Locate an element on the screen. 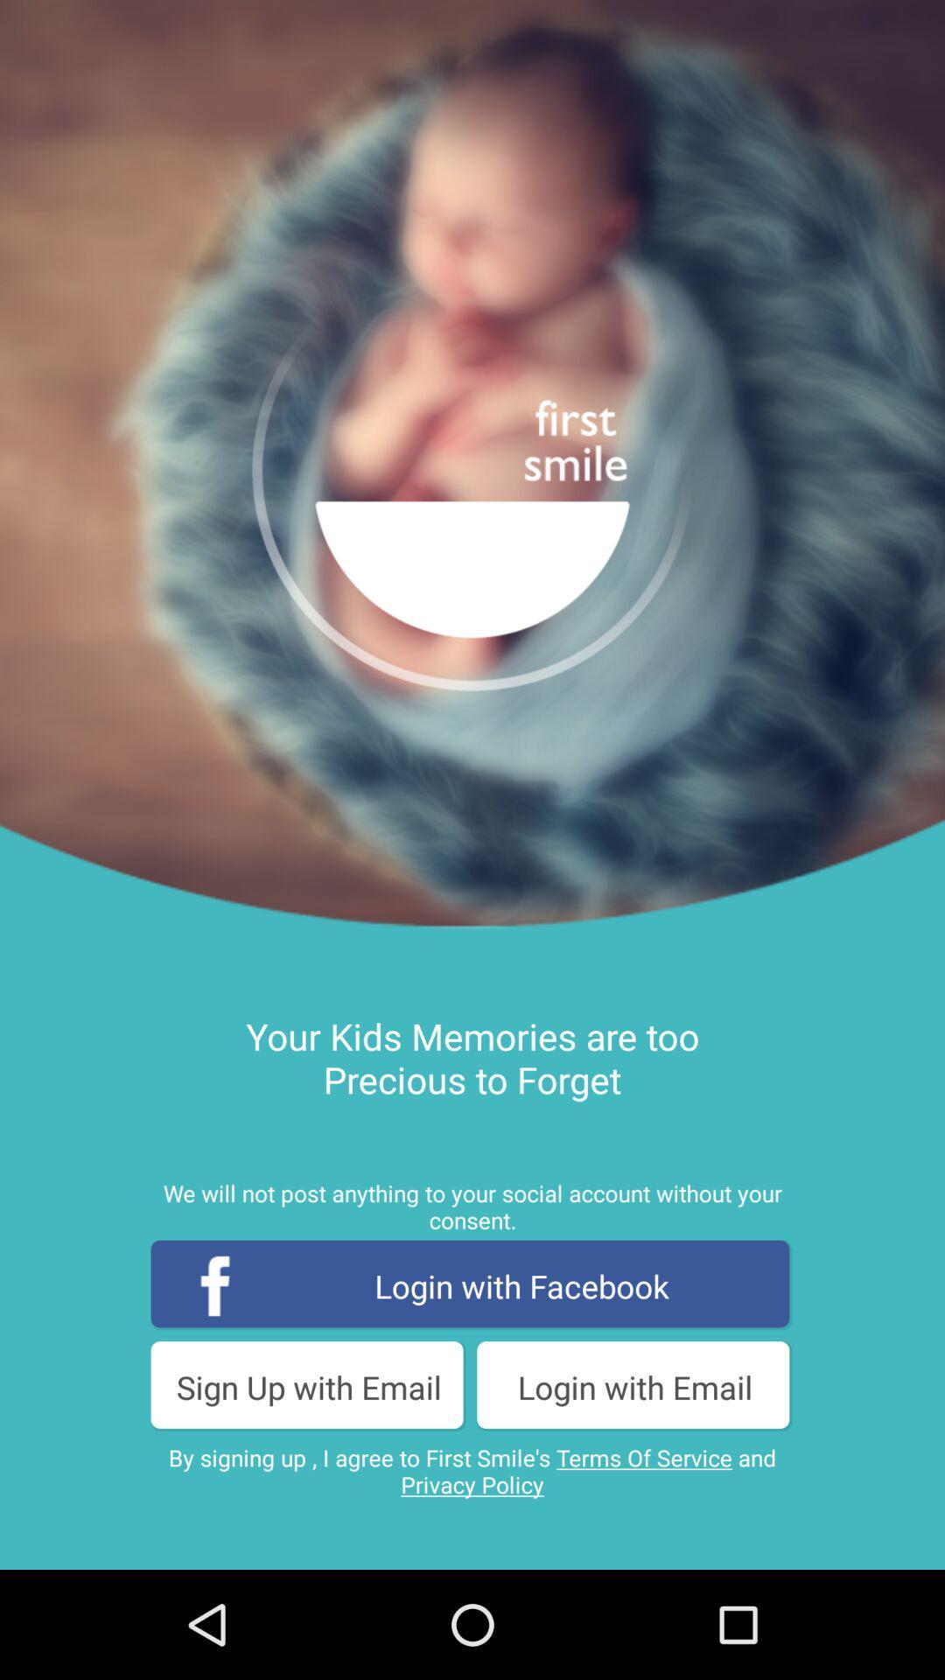 This screenshot has width=945, height=1680. item above the by signing up is located at coordinates (308, 1386).